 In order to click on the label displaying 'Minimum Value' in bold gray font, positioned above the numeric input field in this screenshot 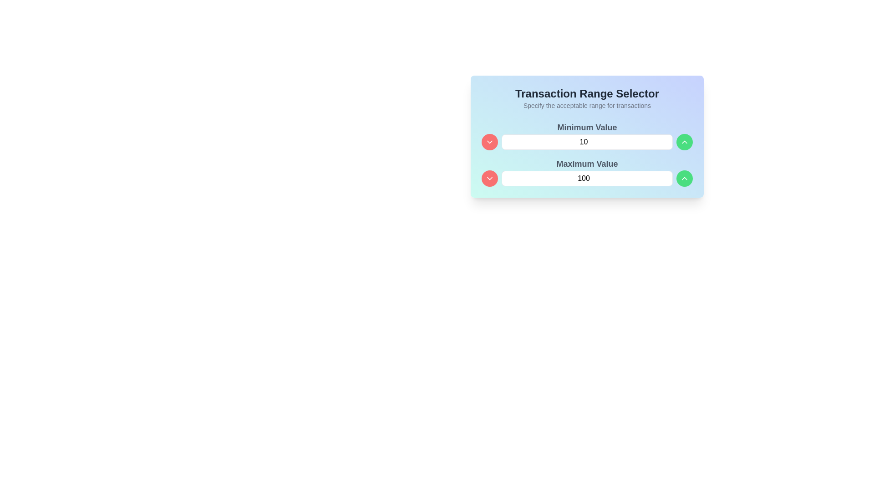, I will do `click(587, 135)`.